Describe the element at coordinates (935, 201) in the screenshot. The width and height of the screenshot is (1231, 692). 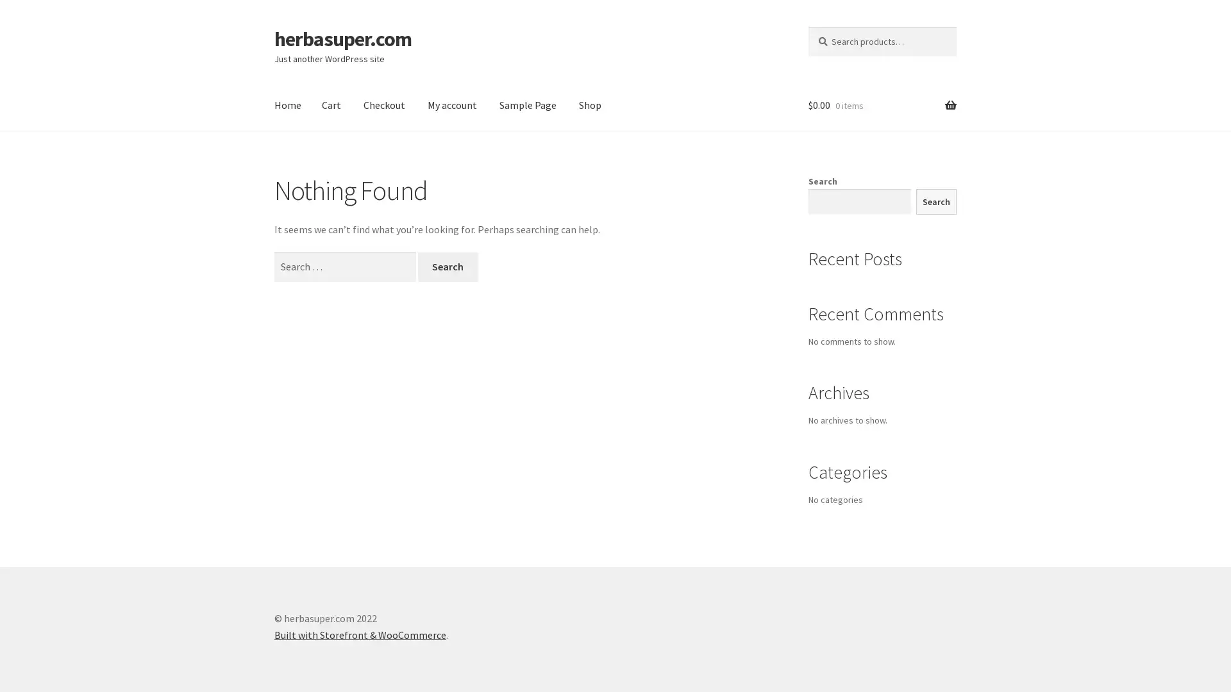
I see `Search` at that location.